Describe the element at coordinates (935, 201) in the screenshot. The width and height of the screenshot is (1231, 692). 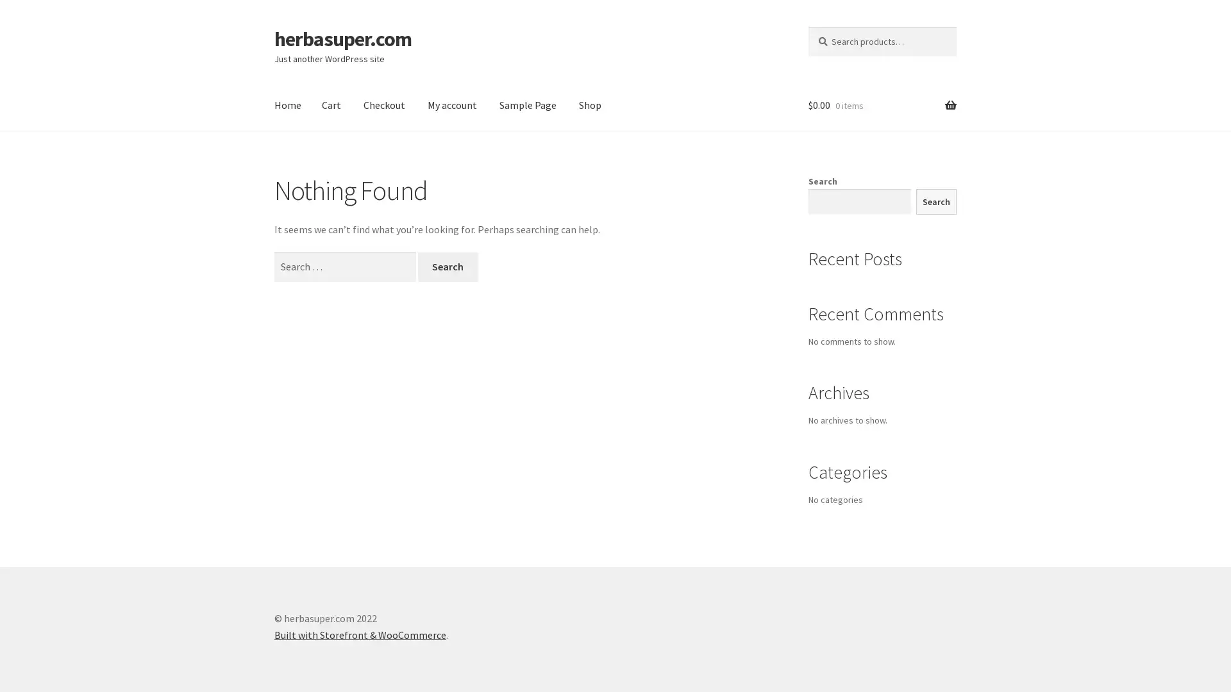
I see `Search` at that location.